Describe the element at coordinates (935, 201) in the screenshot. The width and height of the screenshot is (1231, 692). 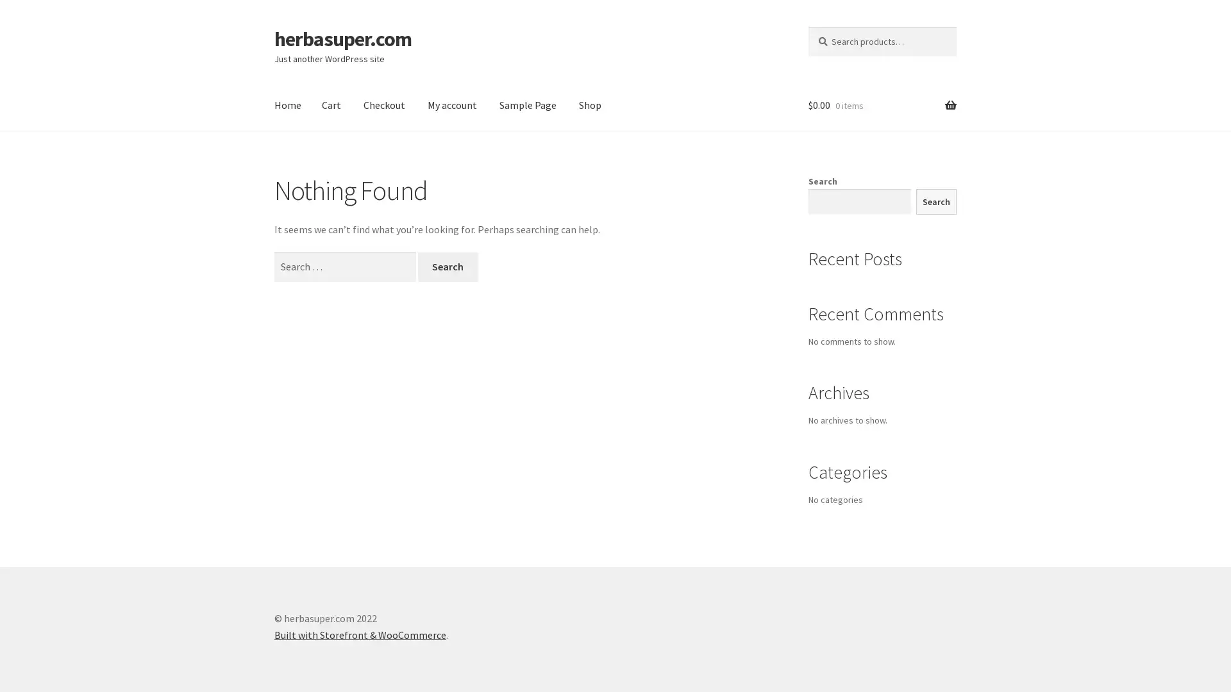
I see `Search` at that location.